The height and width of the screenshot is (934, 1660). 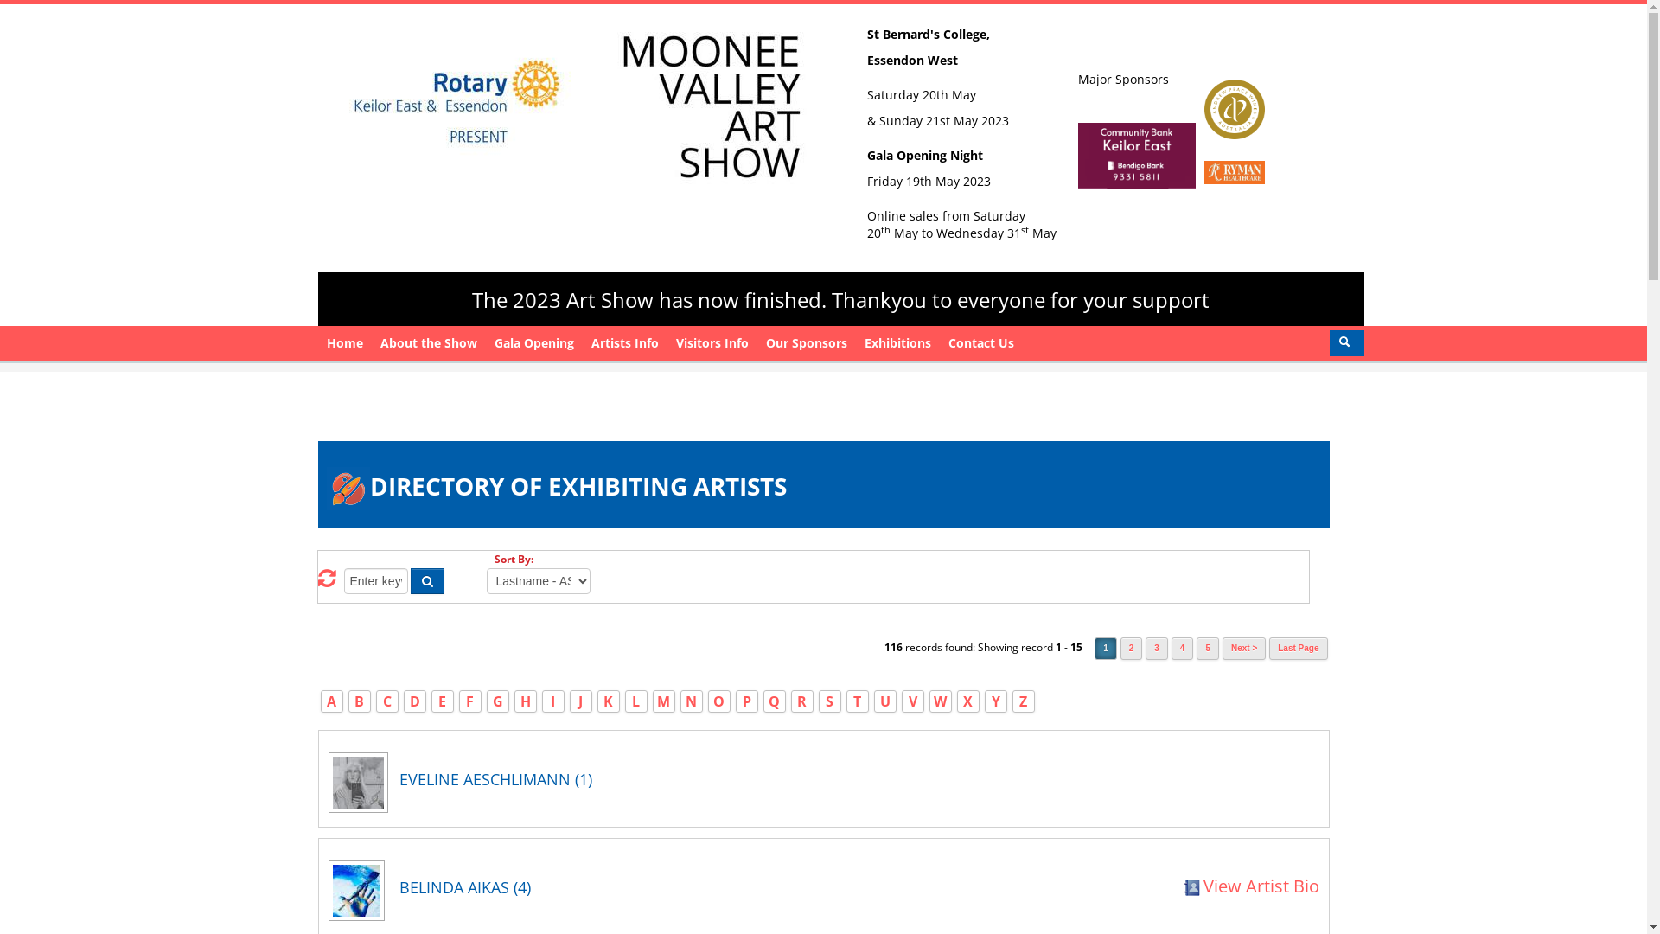 What do you see at coordinates (825, 700) in the screenshot?
I see `'S'` at bounding box center [825, 700].